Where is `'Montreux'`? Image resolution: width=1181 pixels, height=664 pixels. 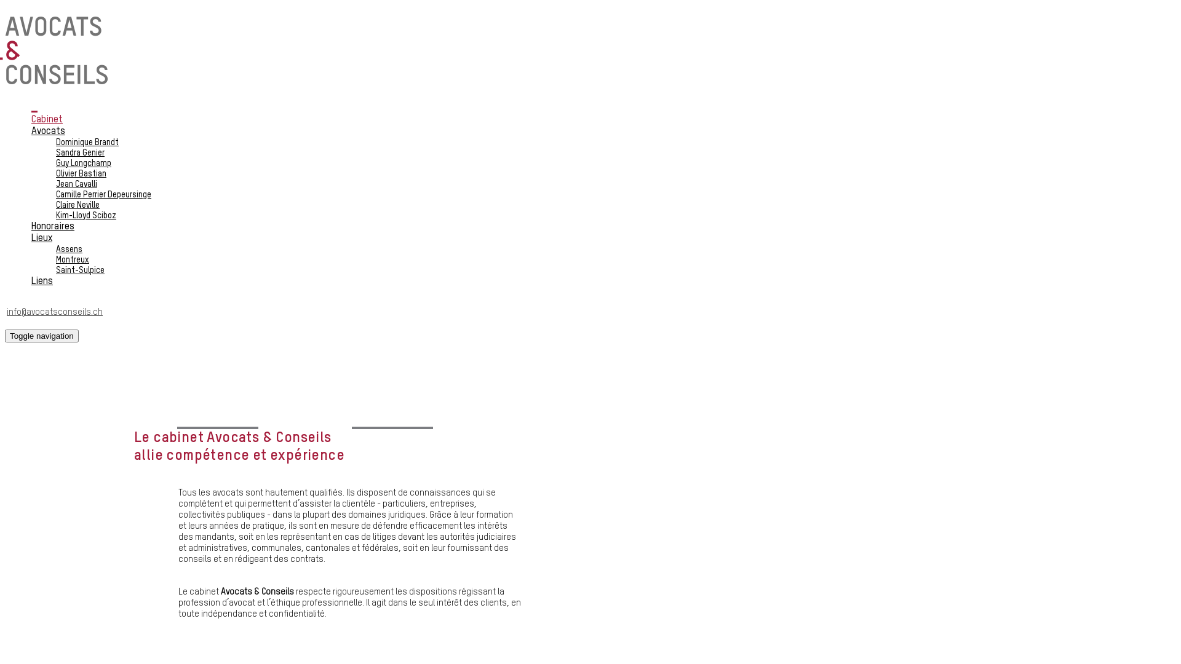 'Montreux' is located at coordinates (72, 259).